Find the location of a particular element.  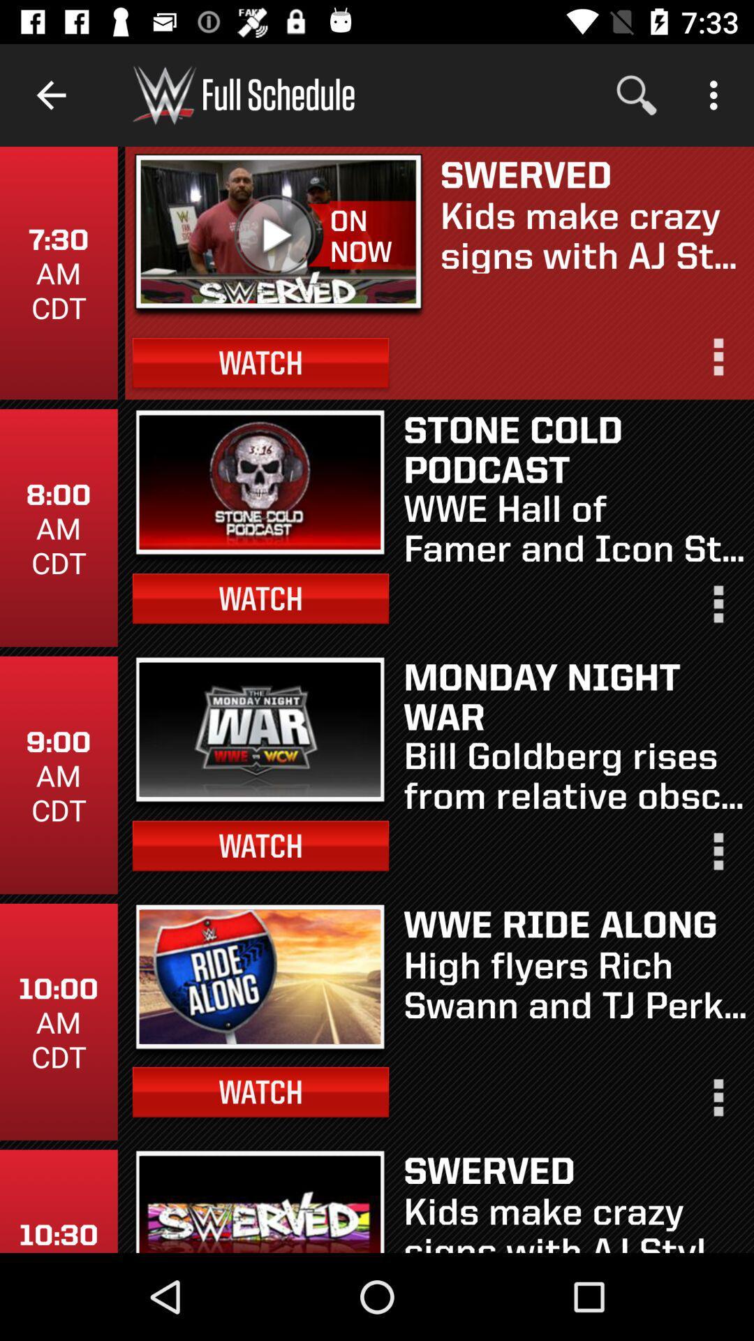

item above 7 30 am item is located at coordinates (50, 94).